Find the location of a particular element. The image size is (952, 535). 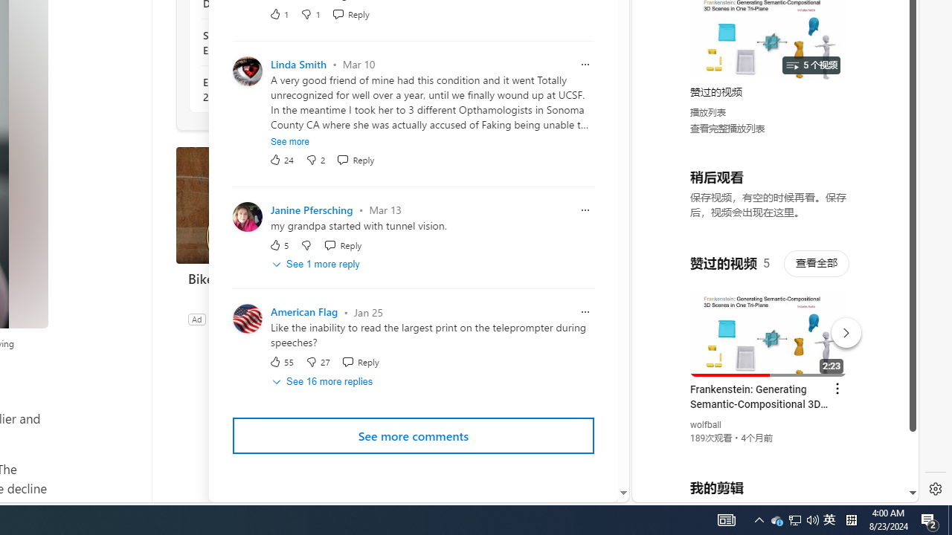

'Linda Smith' is located at coordinates (297, 63).